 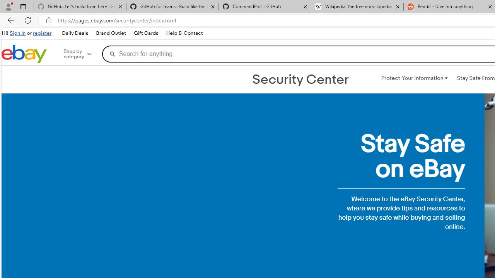 What do you see at coordinates (18, 33) in the screenshot?
I see `'Sign in'` at bounding box center [18, 33].